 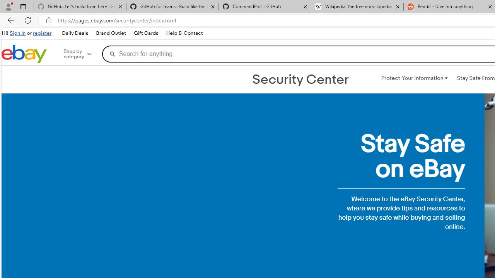 What do you see at coordinates (18, 33) in the screenshot?
I see `'Sign in'` at bounding box center [18, 33].